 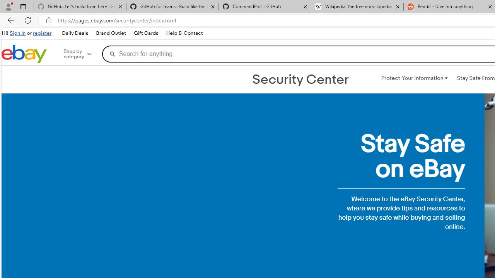 What do you see at coordinates (18, 33) in the screenshot?
I see `'Sign in'` at bounding box center [18, 33].